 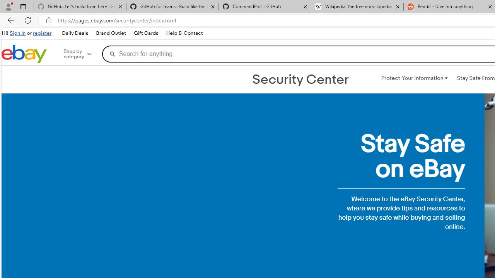 What do you see at coordinates (18, 33) in the screenshot?
I see `'Sign in'` at bounding box center [18, 33].